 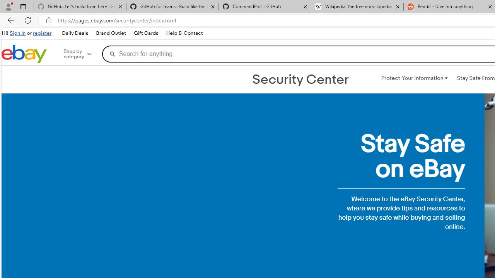 What do you see at coordinates (18, 33) in the screenshot?
I see `'Sign in'` at bounding box center [18, 33].